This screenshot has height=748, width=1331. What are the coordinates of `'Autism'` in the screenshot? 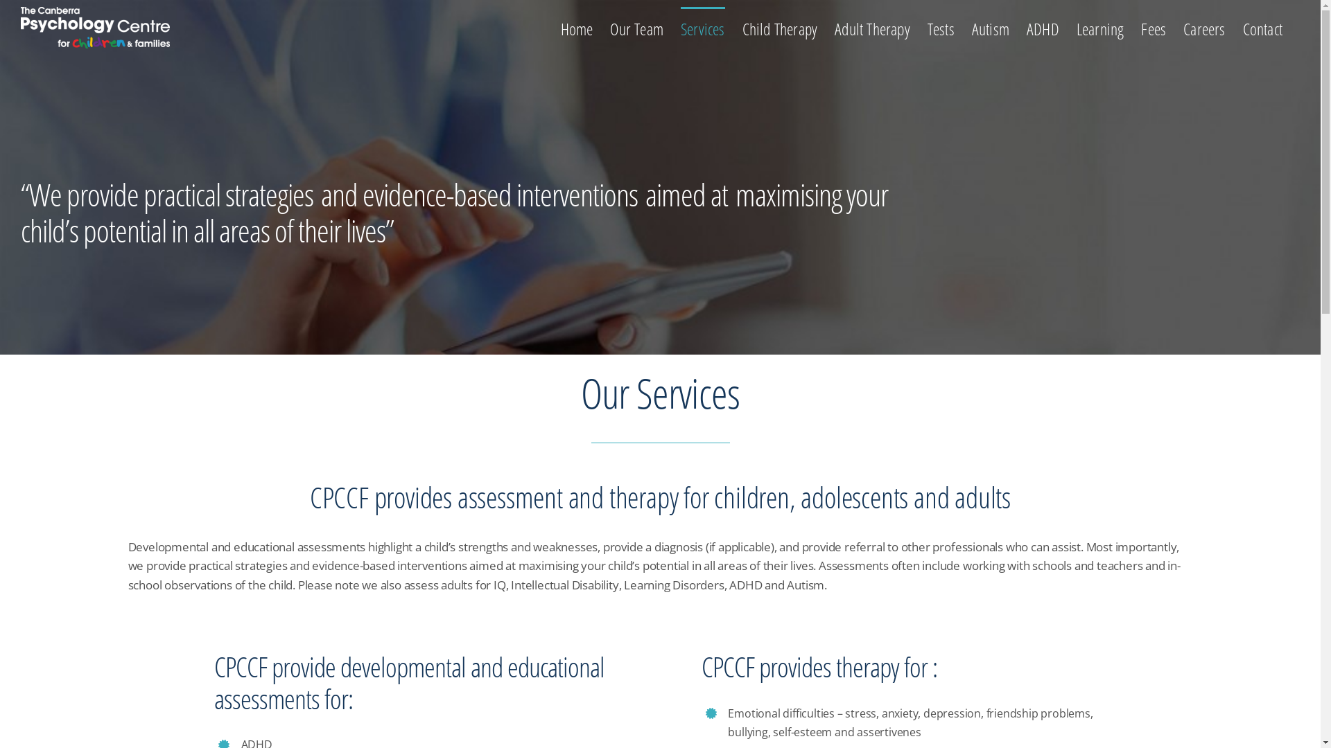 It's located at (990, 27).